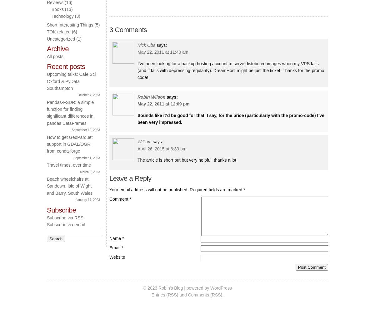  Describe the element at coordinates (47, 56) in the screenshot. I see `'All posts'` at that location.